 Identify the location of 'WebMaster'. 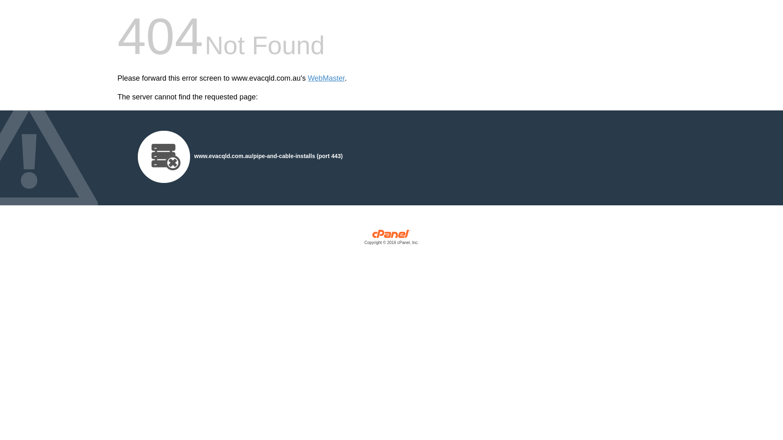
(326, 78).